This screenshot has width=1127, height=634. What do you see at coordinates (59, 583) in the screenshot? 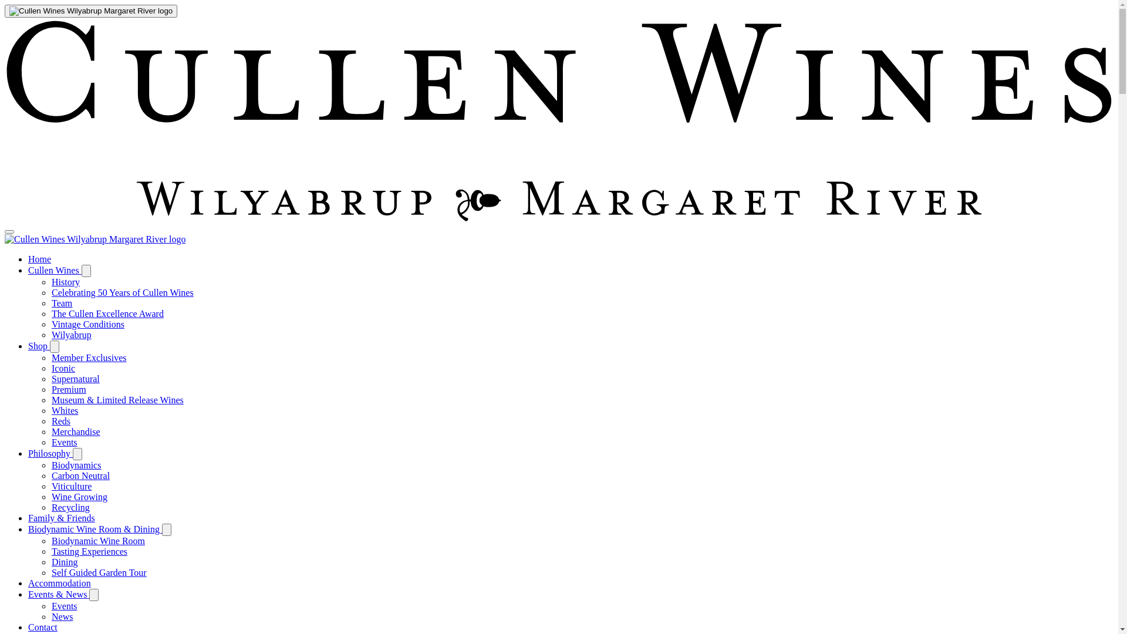
I see `'Accommodation'` at bounding box center [59, 583].